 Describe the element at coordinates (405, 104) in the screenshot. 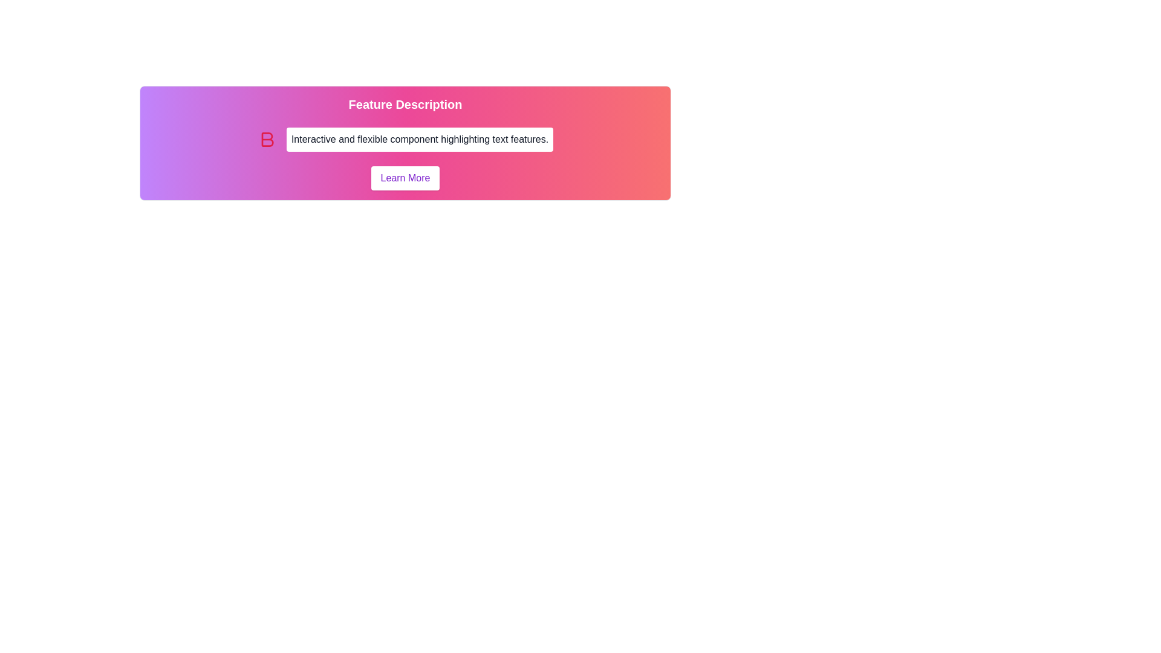

I see `text of the Heading located at the top-center of the section, above the description text and the 'Learn More' button` at that location.